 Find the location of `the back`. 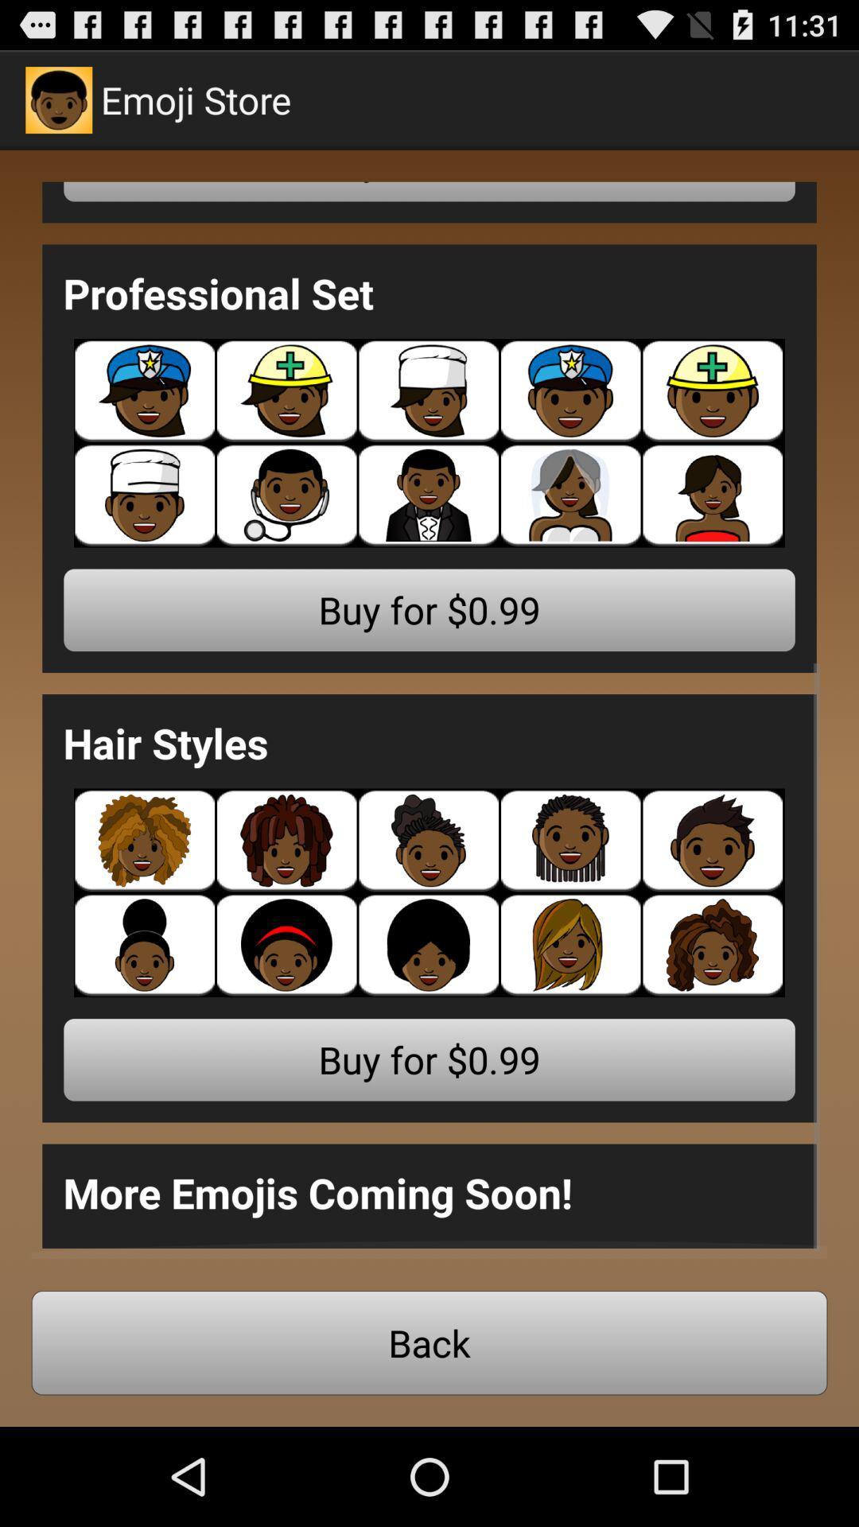

the back is located at coordinates (429, 1342).